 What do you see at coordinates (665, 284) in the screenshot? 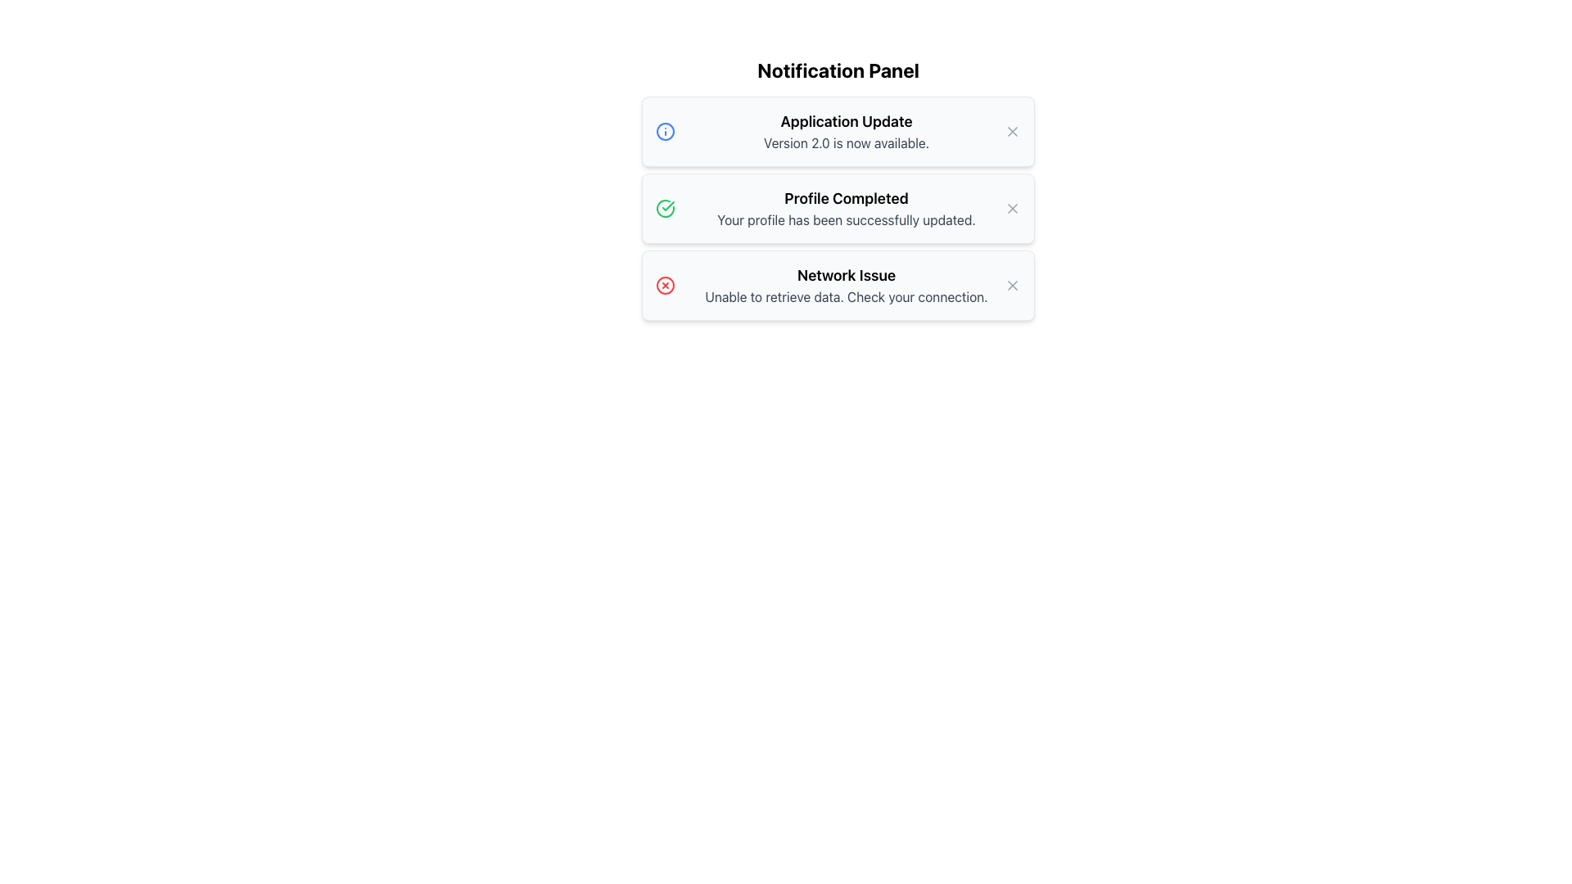
I see `the third circular icon representing the 'Network Issue' in the notification group located at the bottom-right corner` at bounding box center [665, 284].